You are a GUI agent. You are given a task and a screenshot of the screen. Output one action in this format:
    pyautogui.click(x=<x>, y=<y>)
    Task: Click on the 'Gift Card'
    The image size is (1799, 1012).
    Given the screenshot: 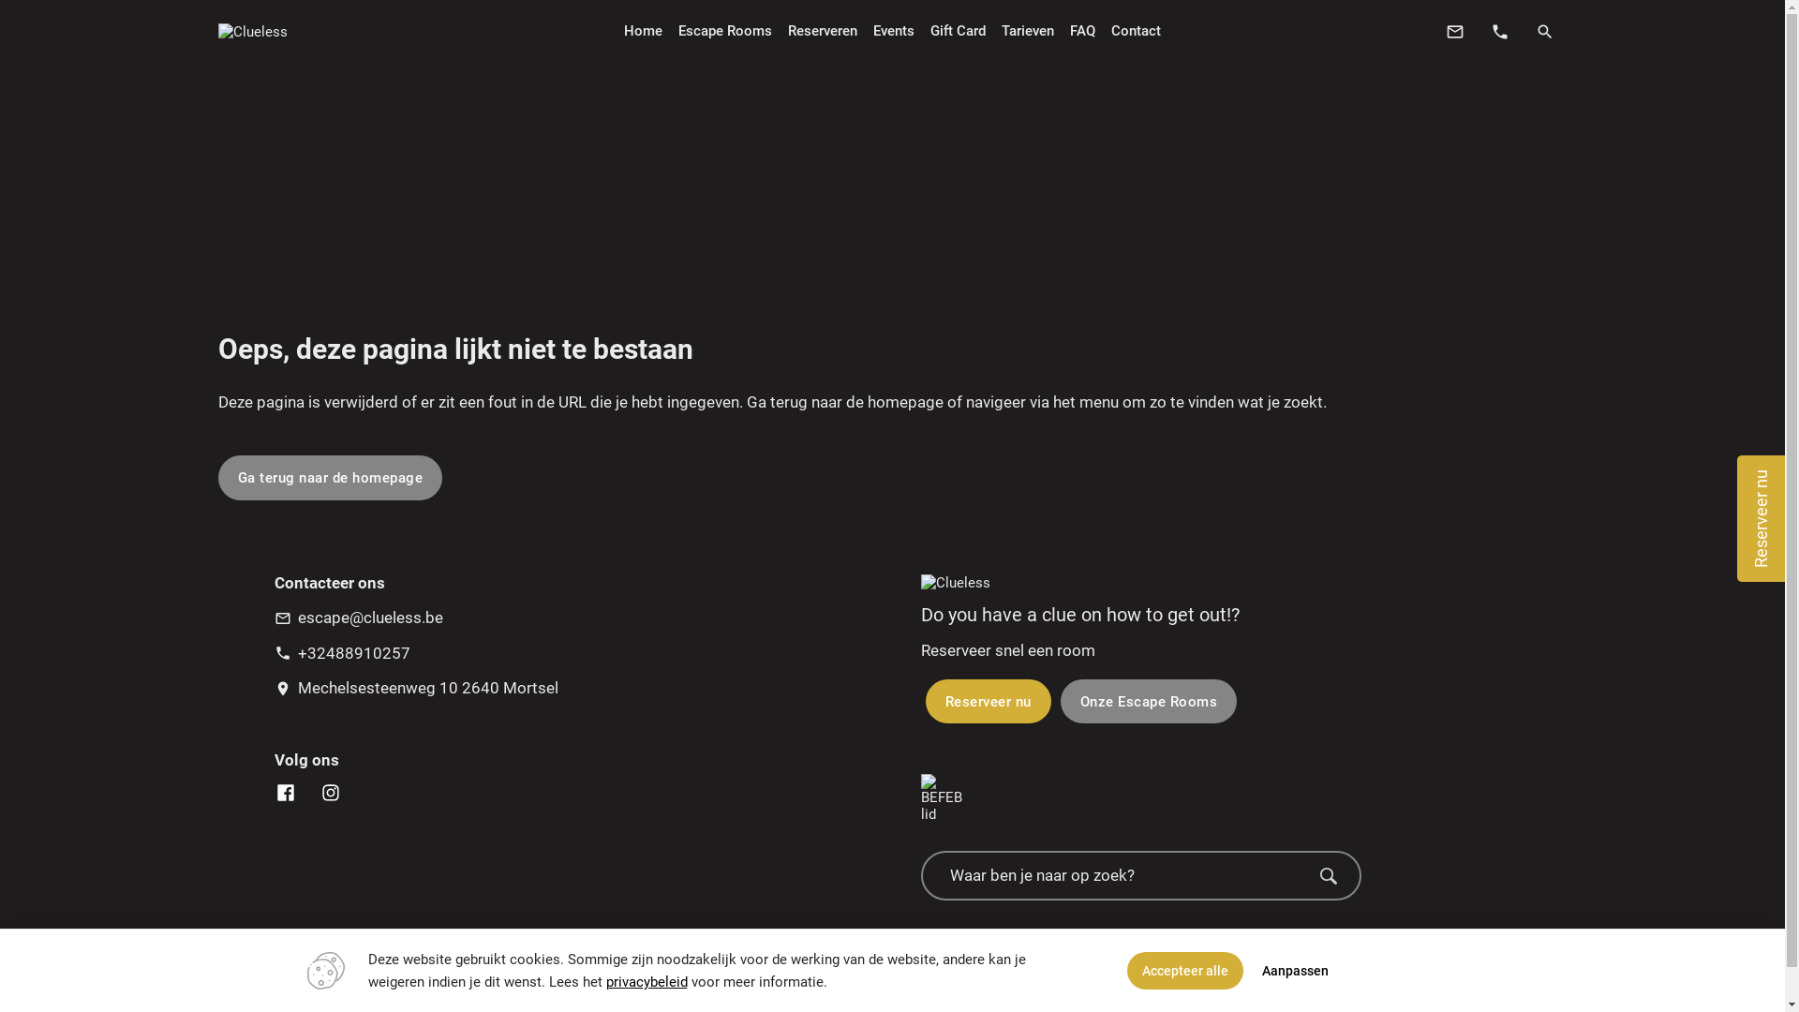 What is the action you would take?
    pyautogui.click(x=958, y=30)
    